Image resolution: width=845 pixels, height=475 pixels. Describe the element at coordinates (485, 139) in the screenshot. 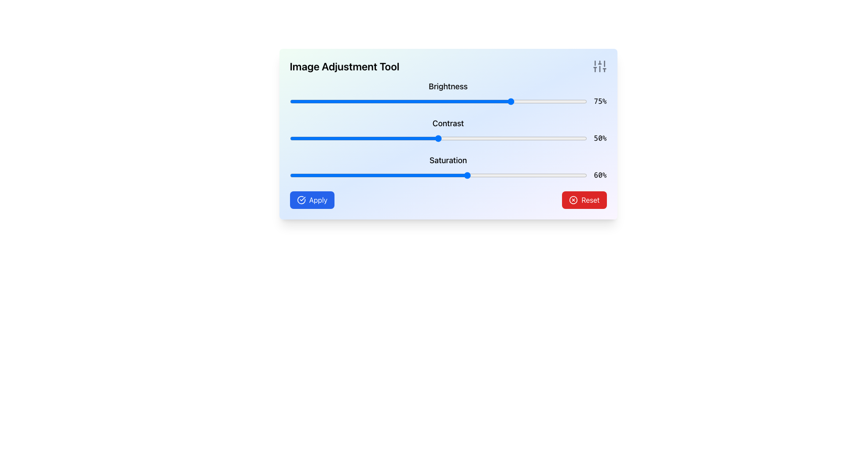

I see `contrast` at that location.